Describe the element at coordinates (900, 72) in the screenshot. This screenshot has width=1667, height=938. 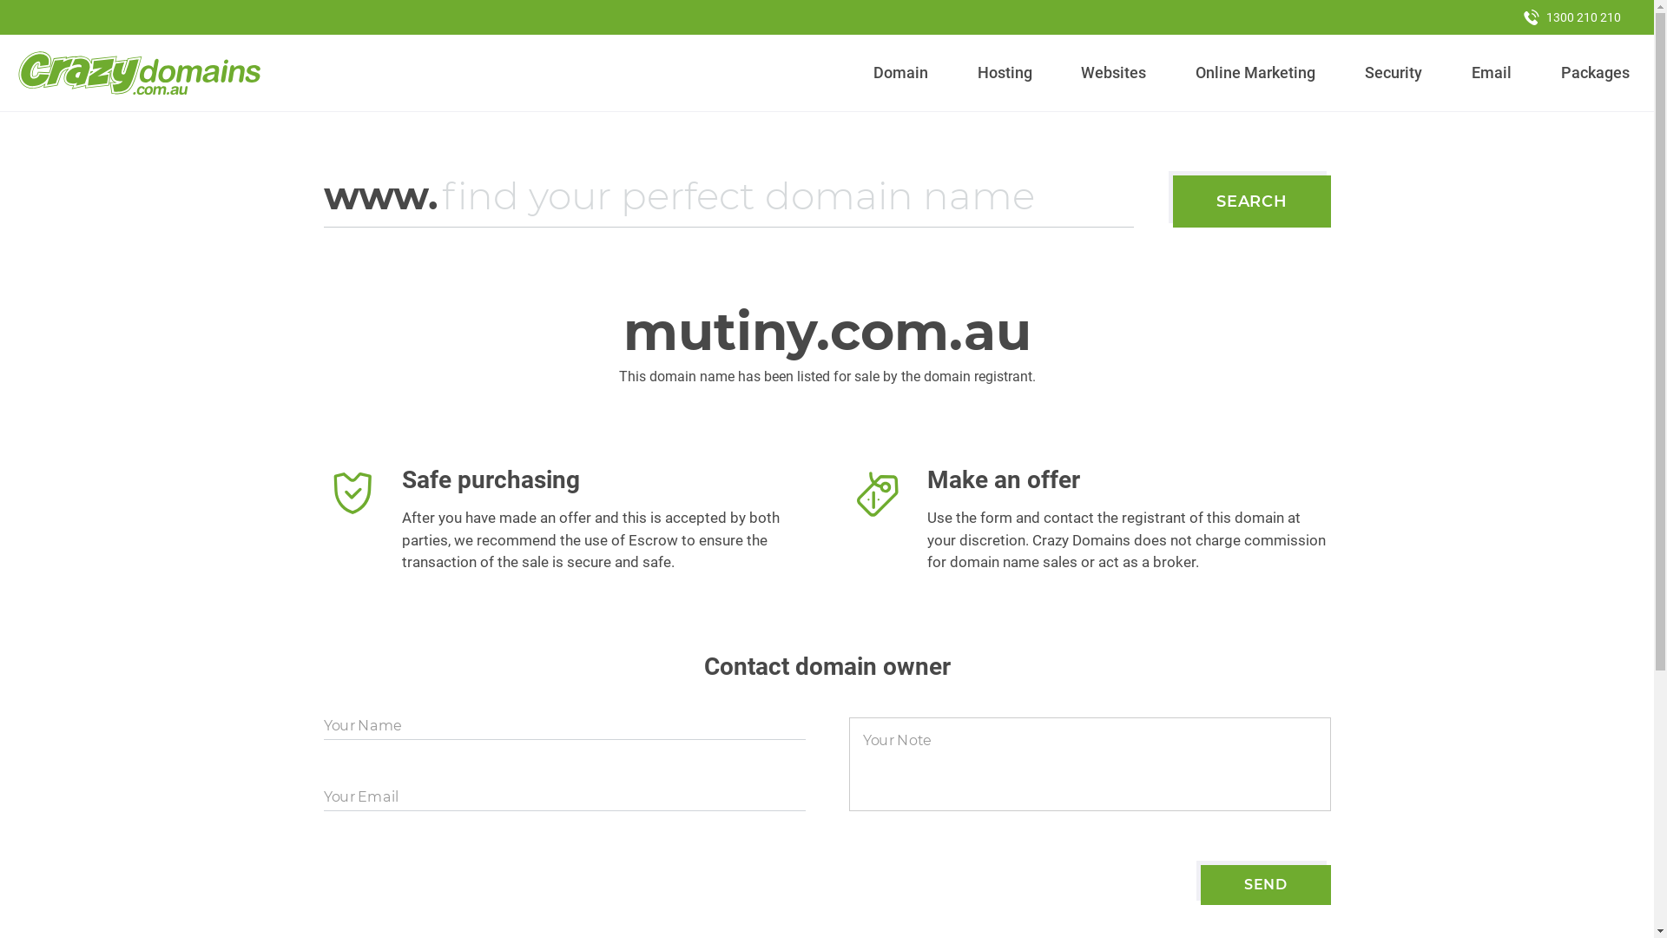
I see `'Domain'` at that location.